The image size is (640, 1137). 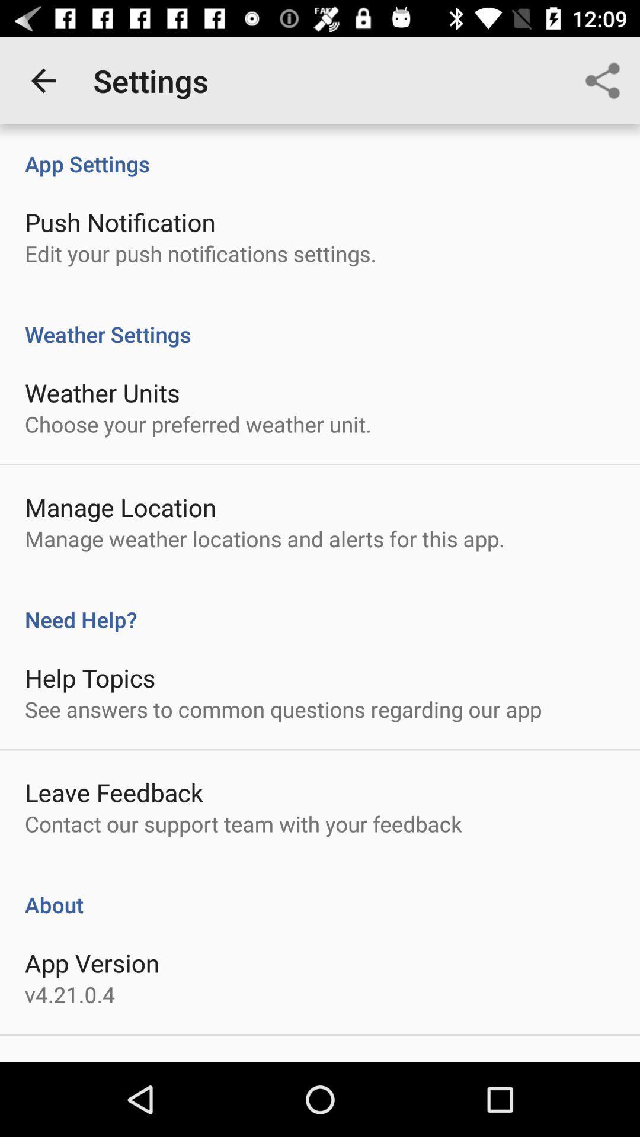 I want to click on icon below leave feedback icon, so click(x=243, y=823).